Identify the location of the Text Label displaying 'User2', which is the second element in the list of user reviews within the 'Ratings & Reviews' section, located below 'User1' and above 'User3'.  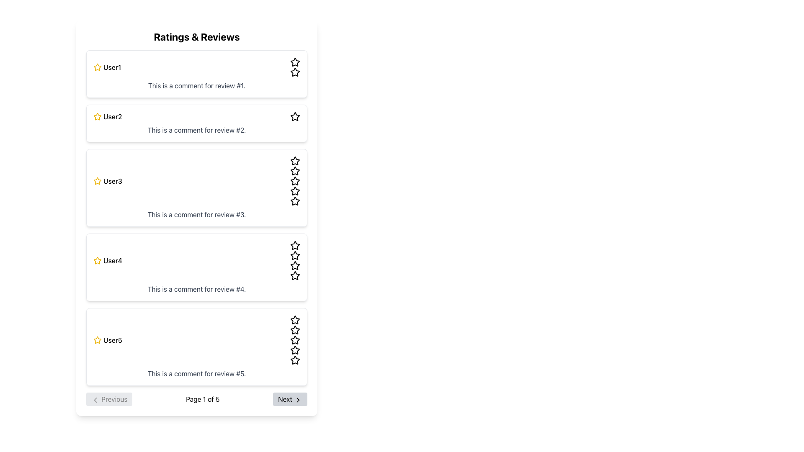
(112, 116).